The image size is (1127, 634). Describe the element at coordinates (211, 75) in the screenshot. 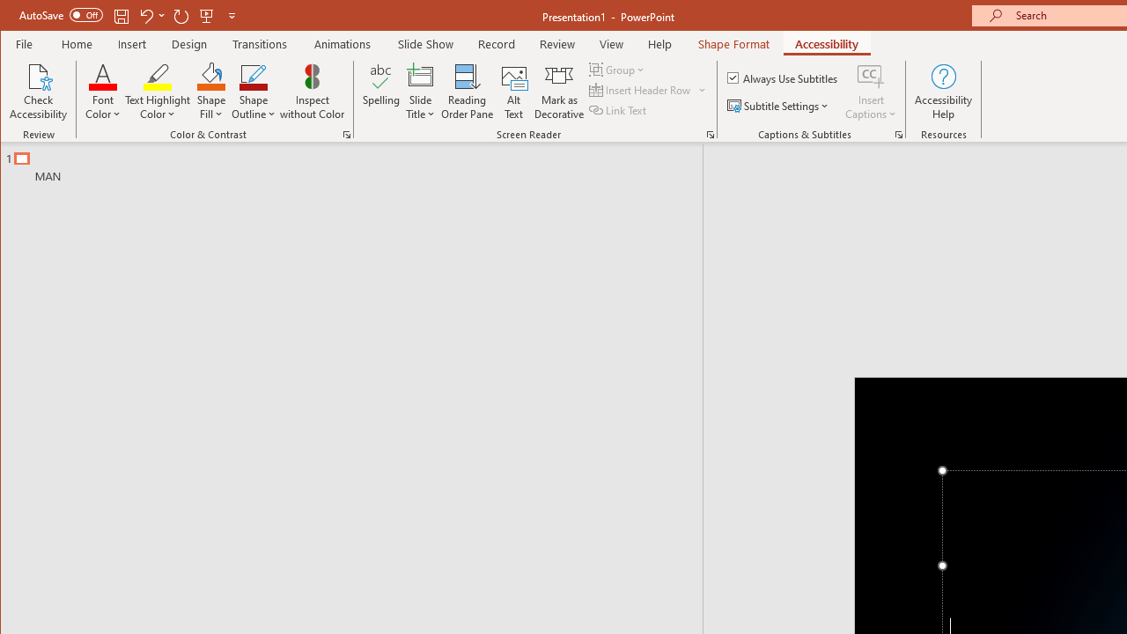

I see `'Shape Fill Orange, Accent 2'` at that location.